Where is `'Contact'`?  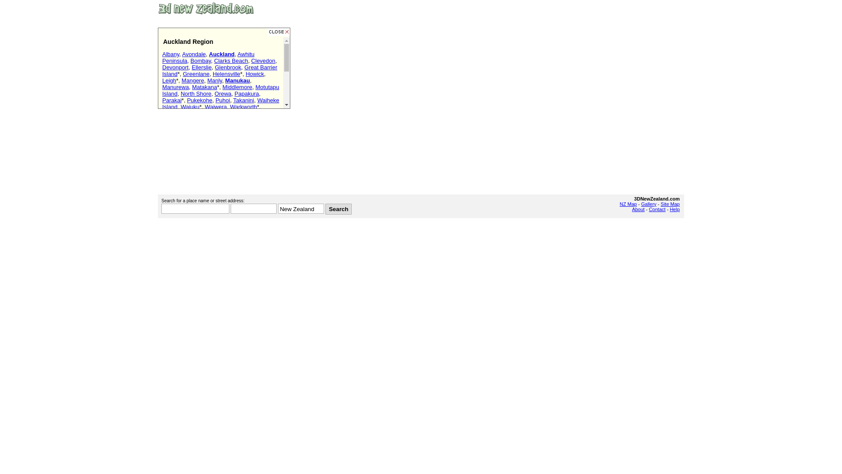 'Contact' is located at coordinates (657, 209).